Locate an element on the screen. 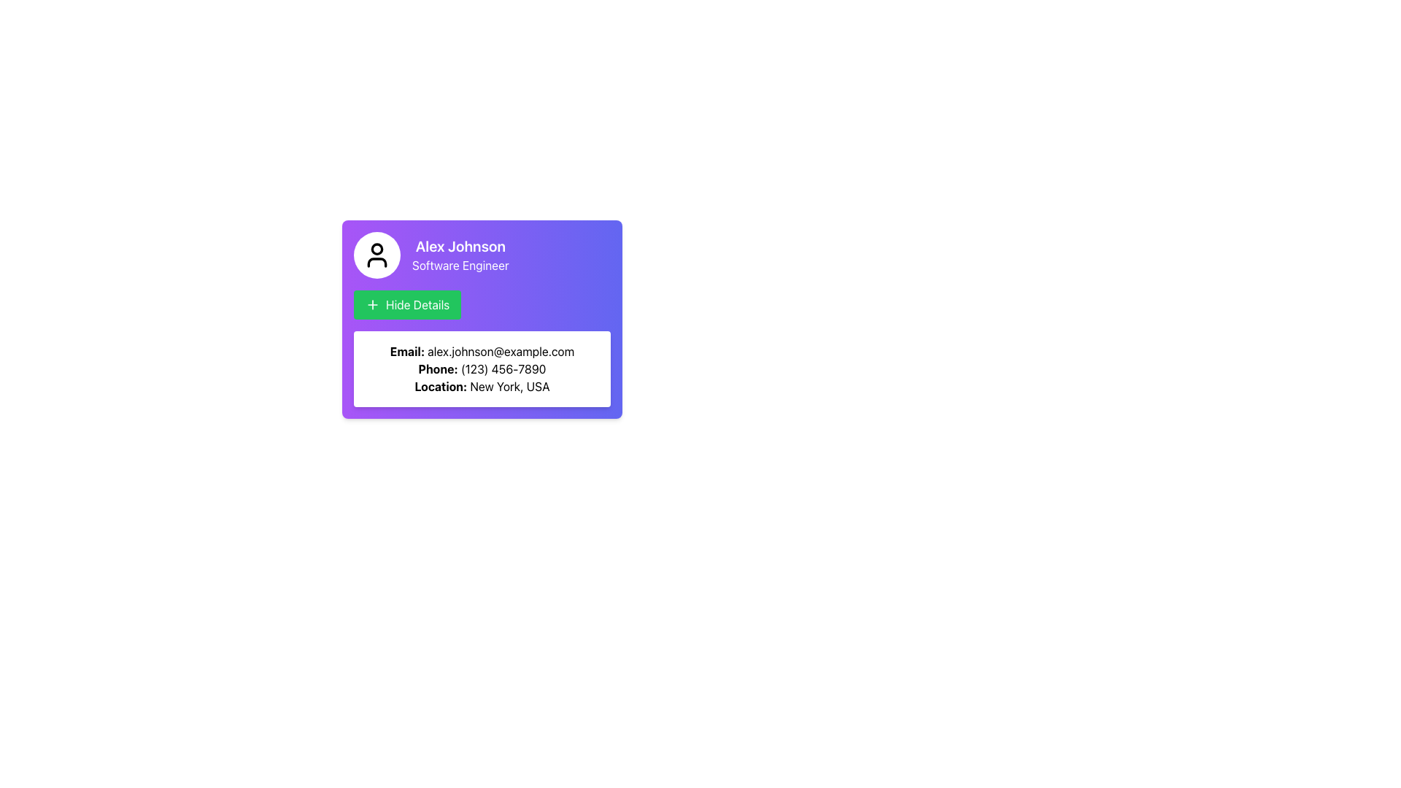 The width and height of the screenshot is (1401, 788). the upper circular component of the user profile icon, which represents a simplified human face within the avatar on the left side of the highlighted card is located at coordinates (377, 248).